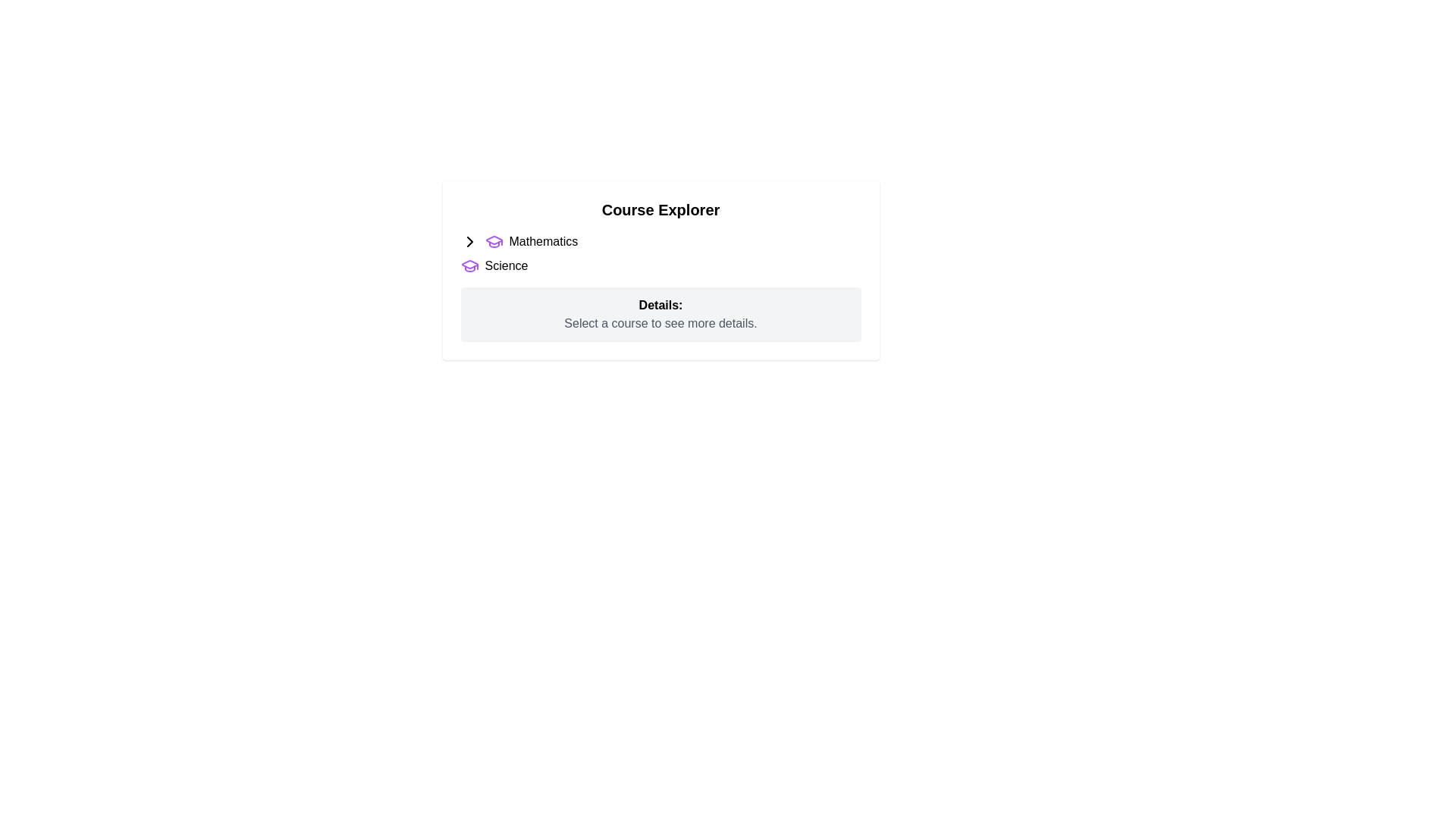  What do you see at coordinates (506, 265) in the screenshot?
I see `the 'Science' text label, which is the second item in the vertical list below 'Course Explorer'` at bounding box center [506, 265].